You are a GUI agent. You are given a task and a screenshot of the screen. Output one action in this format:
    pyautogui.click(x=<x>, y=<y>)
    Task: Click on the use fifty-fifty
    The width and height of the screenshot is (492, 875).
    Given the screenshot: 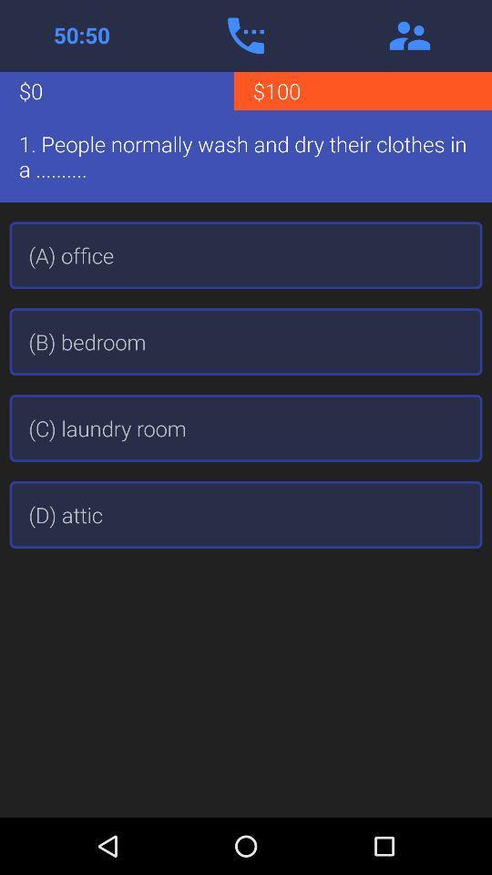 What is the action you would take?
    pyautogui.click(x=81, y=35)
    